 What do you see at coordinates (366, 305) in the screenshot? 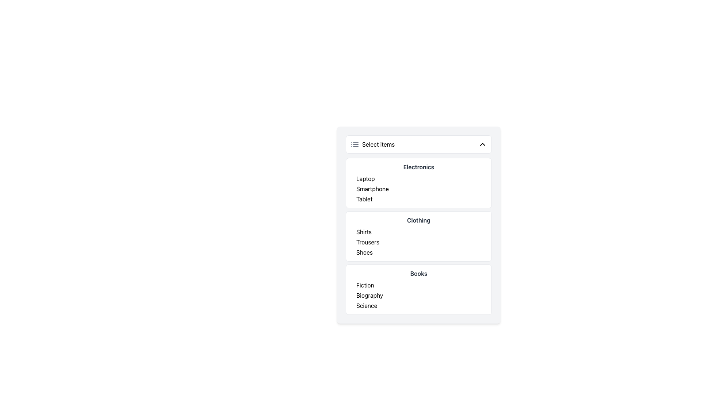
I see `the 'Science' text label in the 'Books' category` at bounding box center [366, 305].